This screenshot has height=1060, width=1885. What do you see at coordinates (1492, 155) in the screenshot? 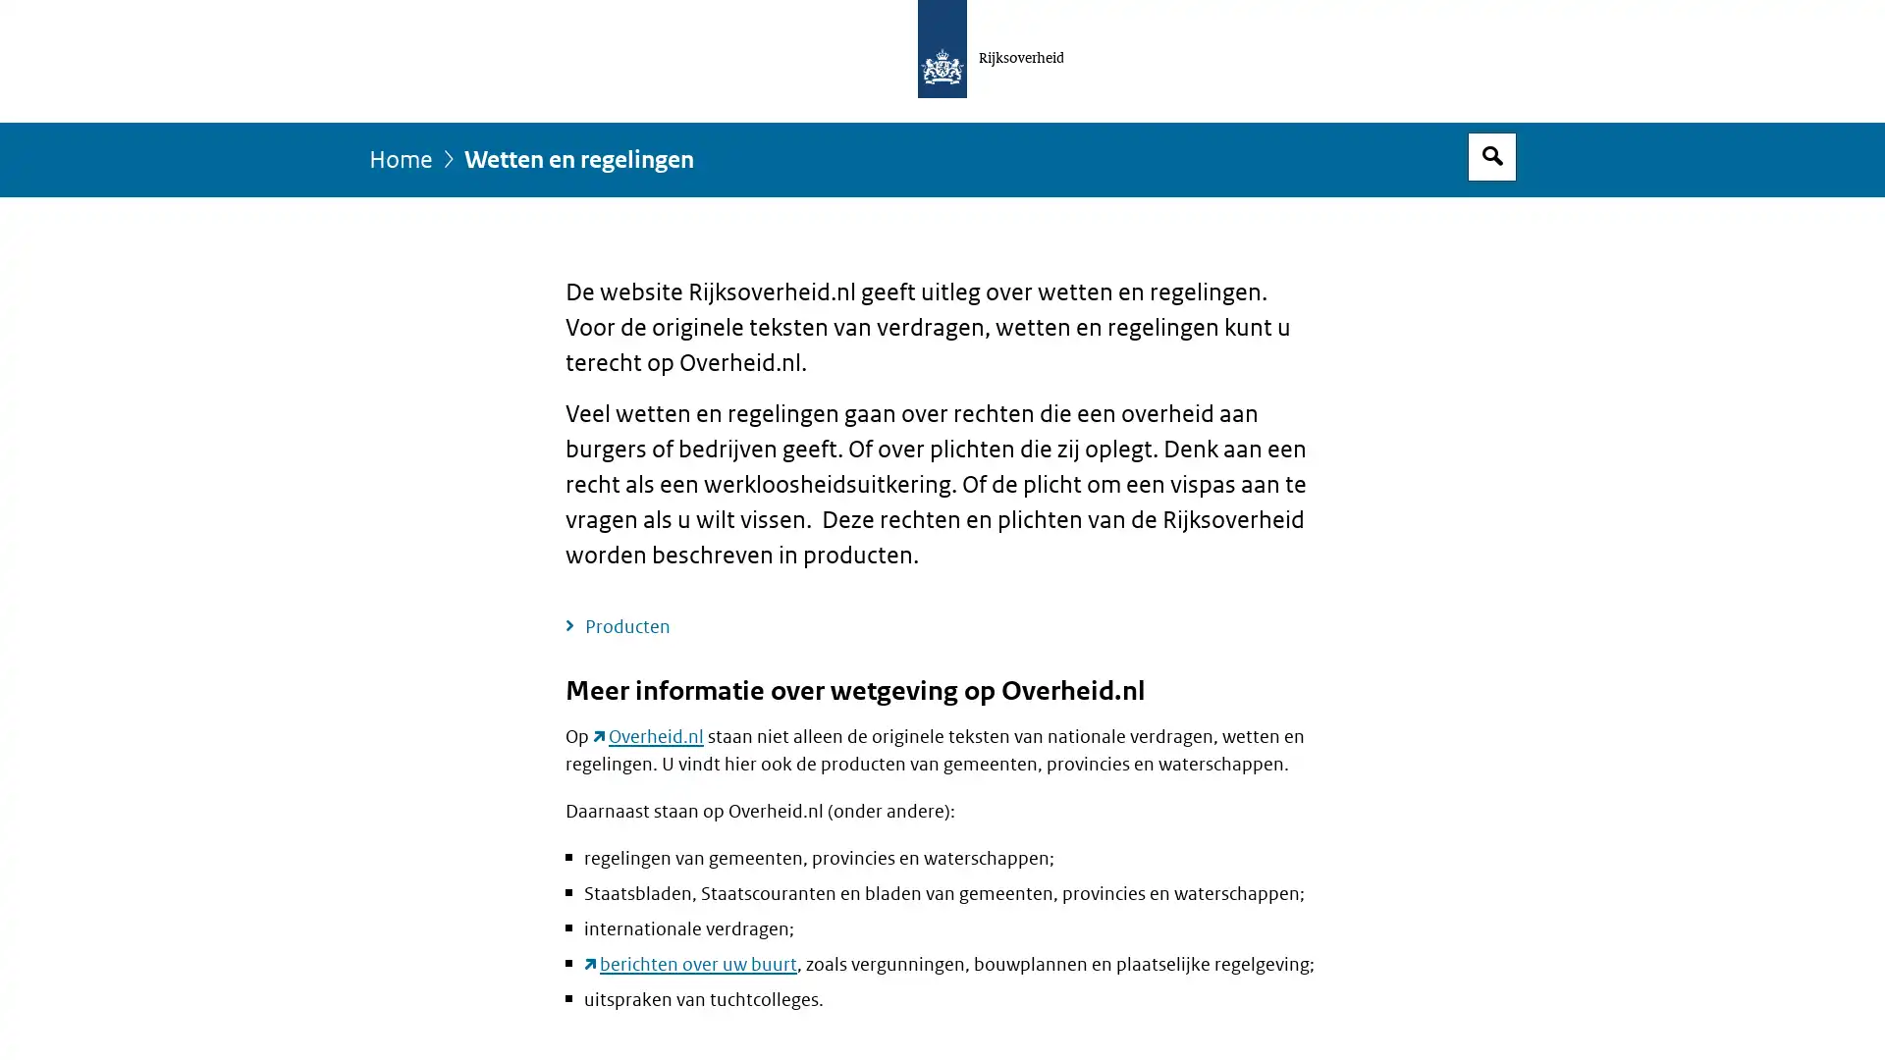
I see `Open zoekveld` at bounding box center [1492, 155].